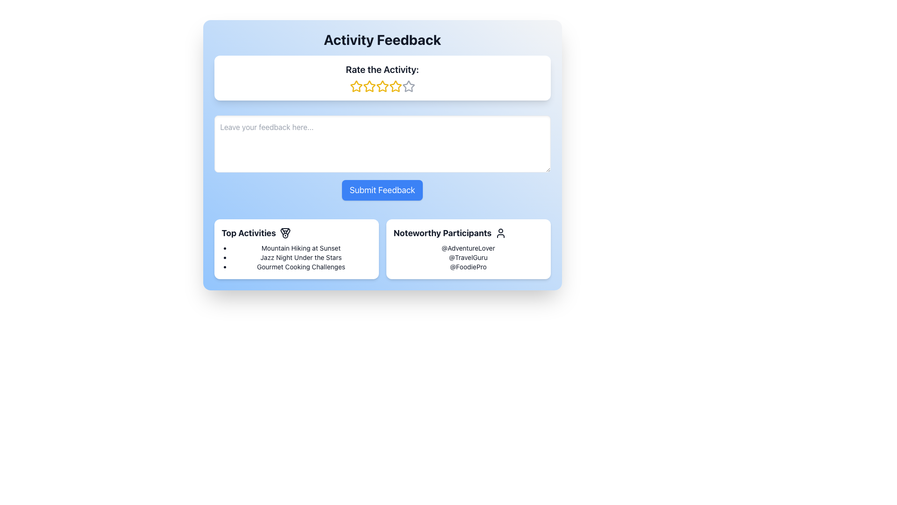 Image resolution: width=897 pixels, height=505 pixels. I want to click on text label displaying '@FoodiePro', which is the third username in the list under 'Noteworthy Participants', so click(468, 267).